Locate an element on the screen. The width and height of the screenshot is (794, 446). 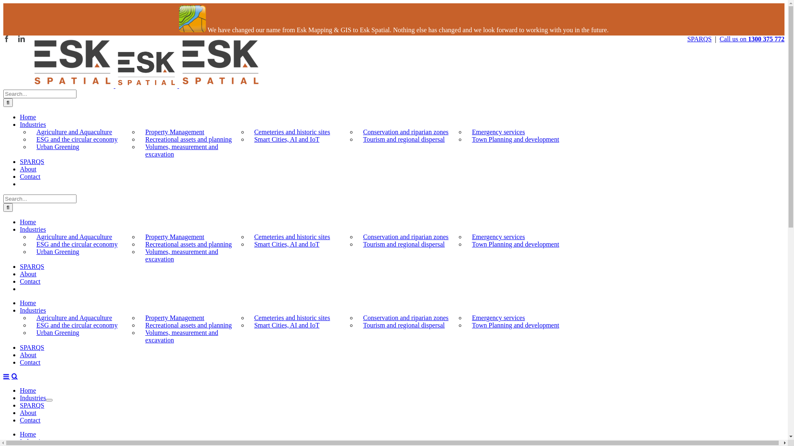
'Recreational assets and planning' is located at coordinates (188, 244).